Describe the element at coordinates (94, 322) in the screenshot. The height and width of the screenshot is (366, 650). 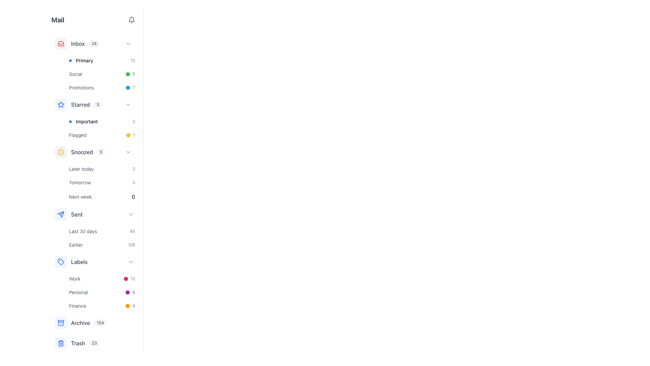
I see `the 'Archive' menu item, which displays the number of items assigned to it, located under the 'Labels' section and above the 'Trash' section` at that location.